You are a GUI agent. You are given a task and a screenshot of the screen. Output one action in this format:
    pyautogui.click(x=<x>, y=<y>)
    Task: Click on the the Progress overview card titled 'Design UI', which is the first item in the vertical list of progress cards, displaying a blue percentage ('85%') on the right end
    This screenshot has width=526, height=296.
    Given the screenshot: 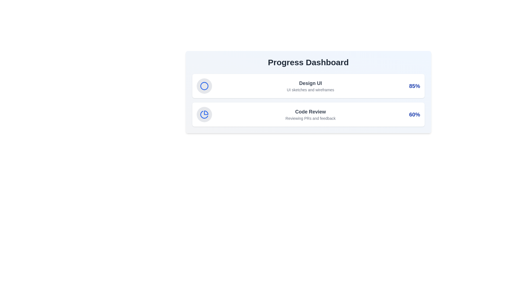 What is the action you would take?
    pyautogui.click(x=308, y=86)
    